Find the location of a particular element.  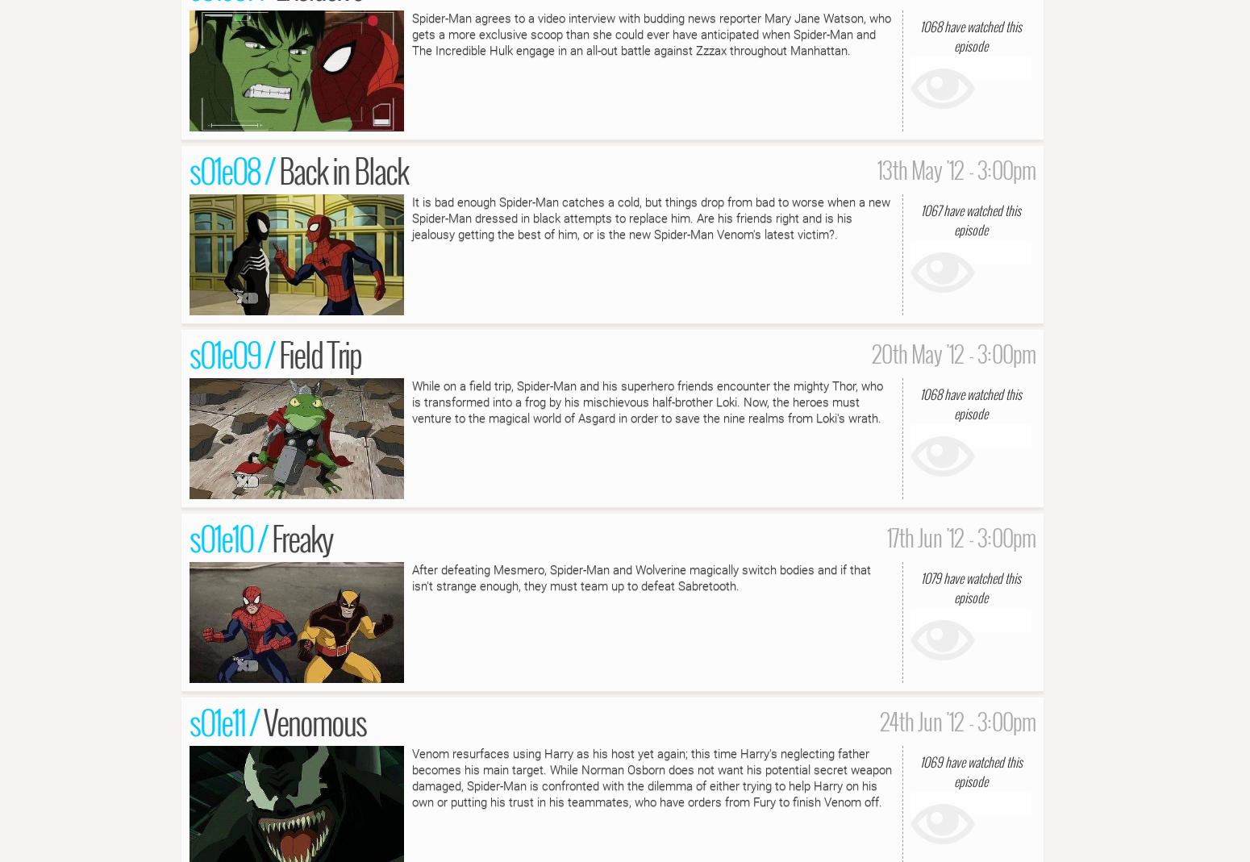

'Venom resurfaces using Harry as his host yet again; this time Harry's neglecting father becomes his main target. While Norman Osborn does not want his potential secret weapon damaged, Spider-Man is confronted with the dilemma of either trying to help Harry on his own or putting his trust in his teammates, who have orders from Fury to finish Venom off.' is located at coordinates (411, 777).